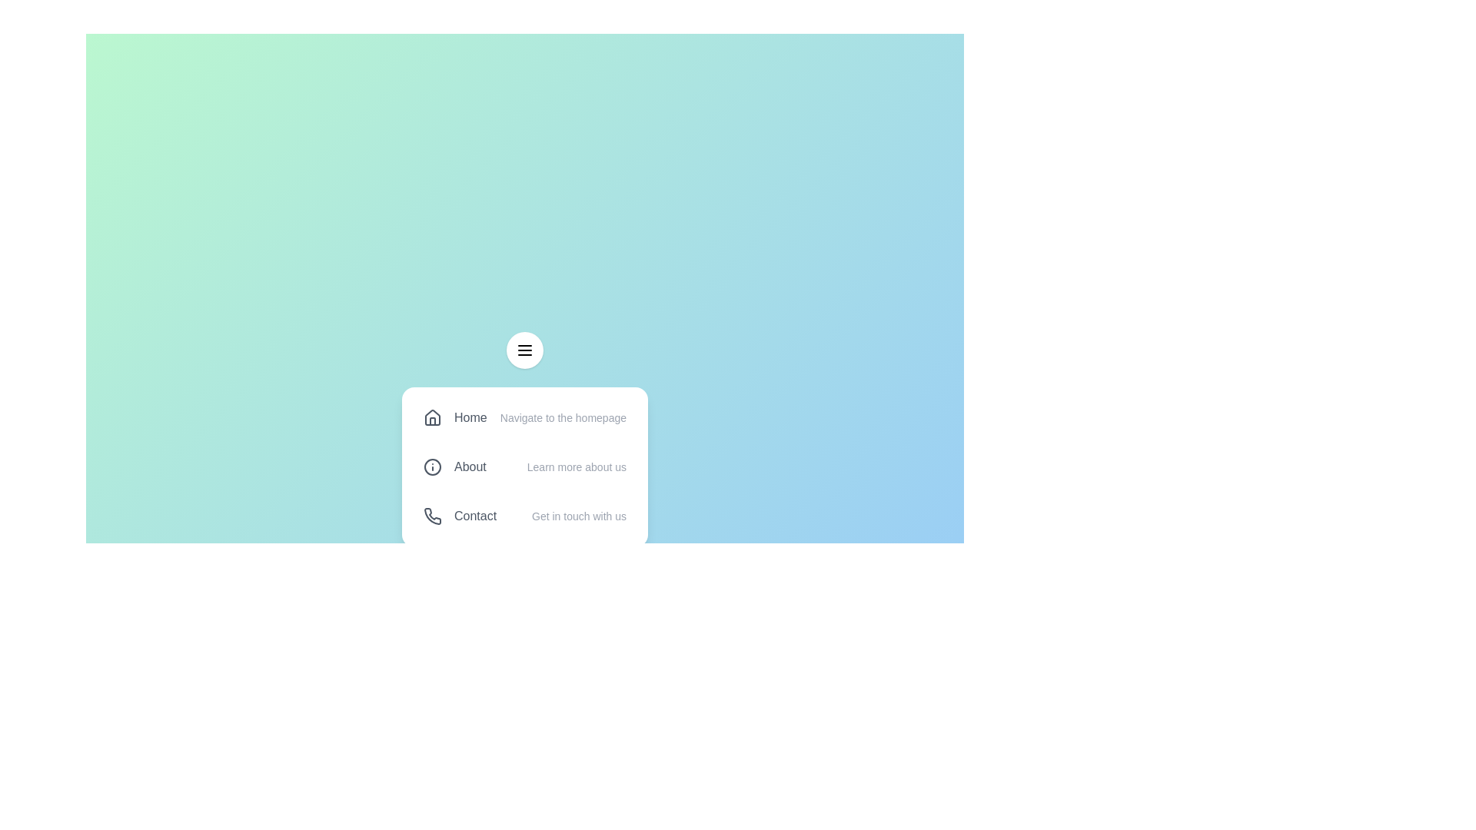 Image resolution: width=1476 pixels, height=830 pixels. Describe the element at coordinates (524, 466) in the screenshot. I see `the menu item About from the menu` at that location.